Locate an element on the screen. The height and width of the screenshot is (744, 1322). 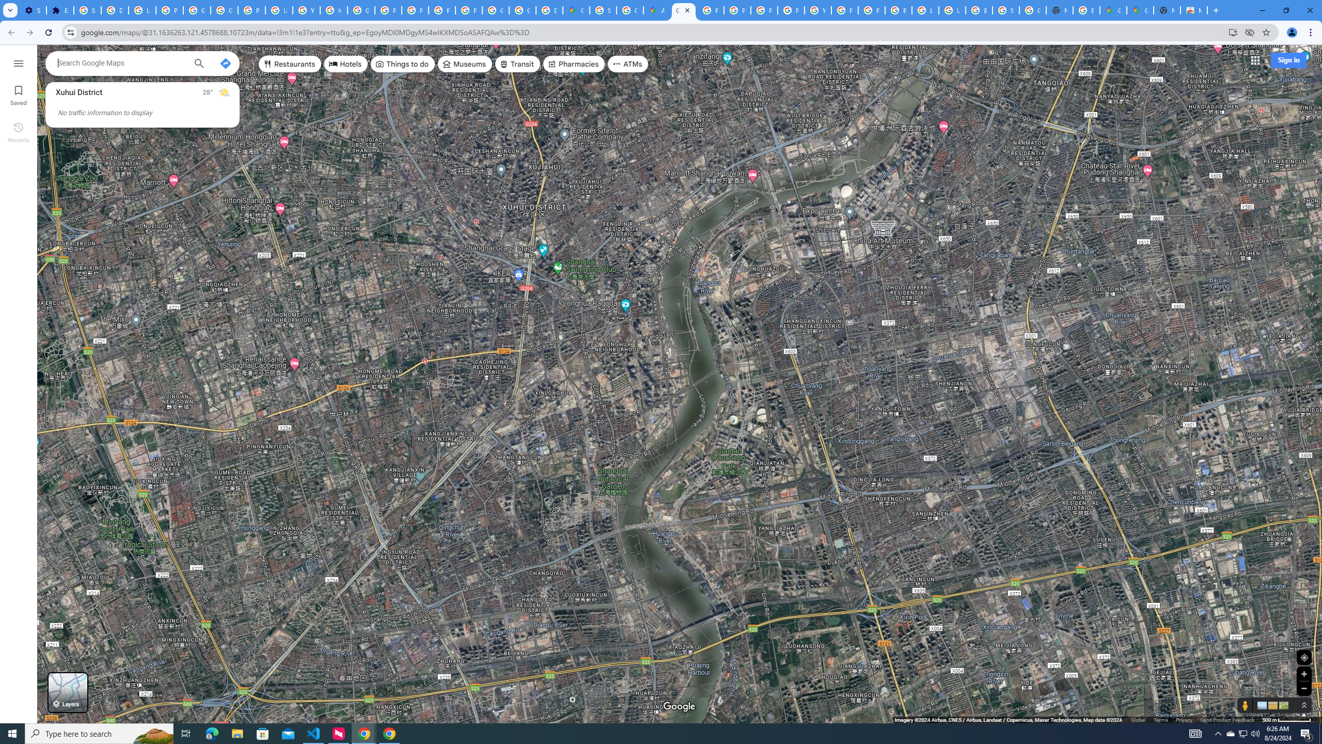
'Google Maps' is located at coordinates (684, 10).